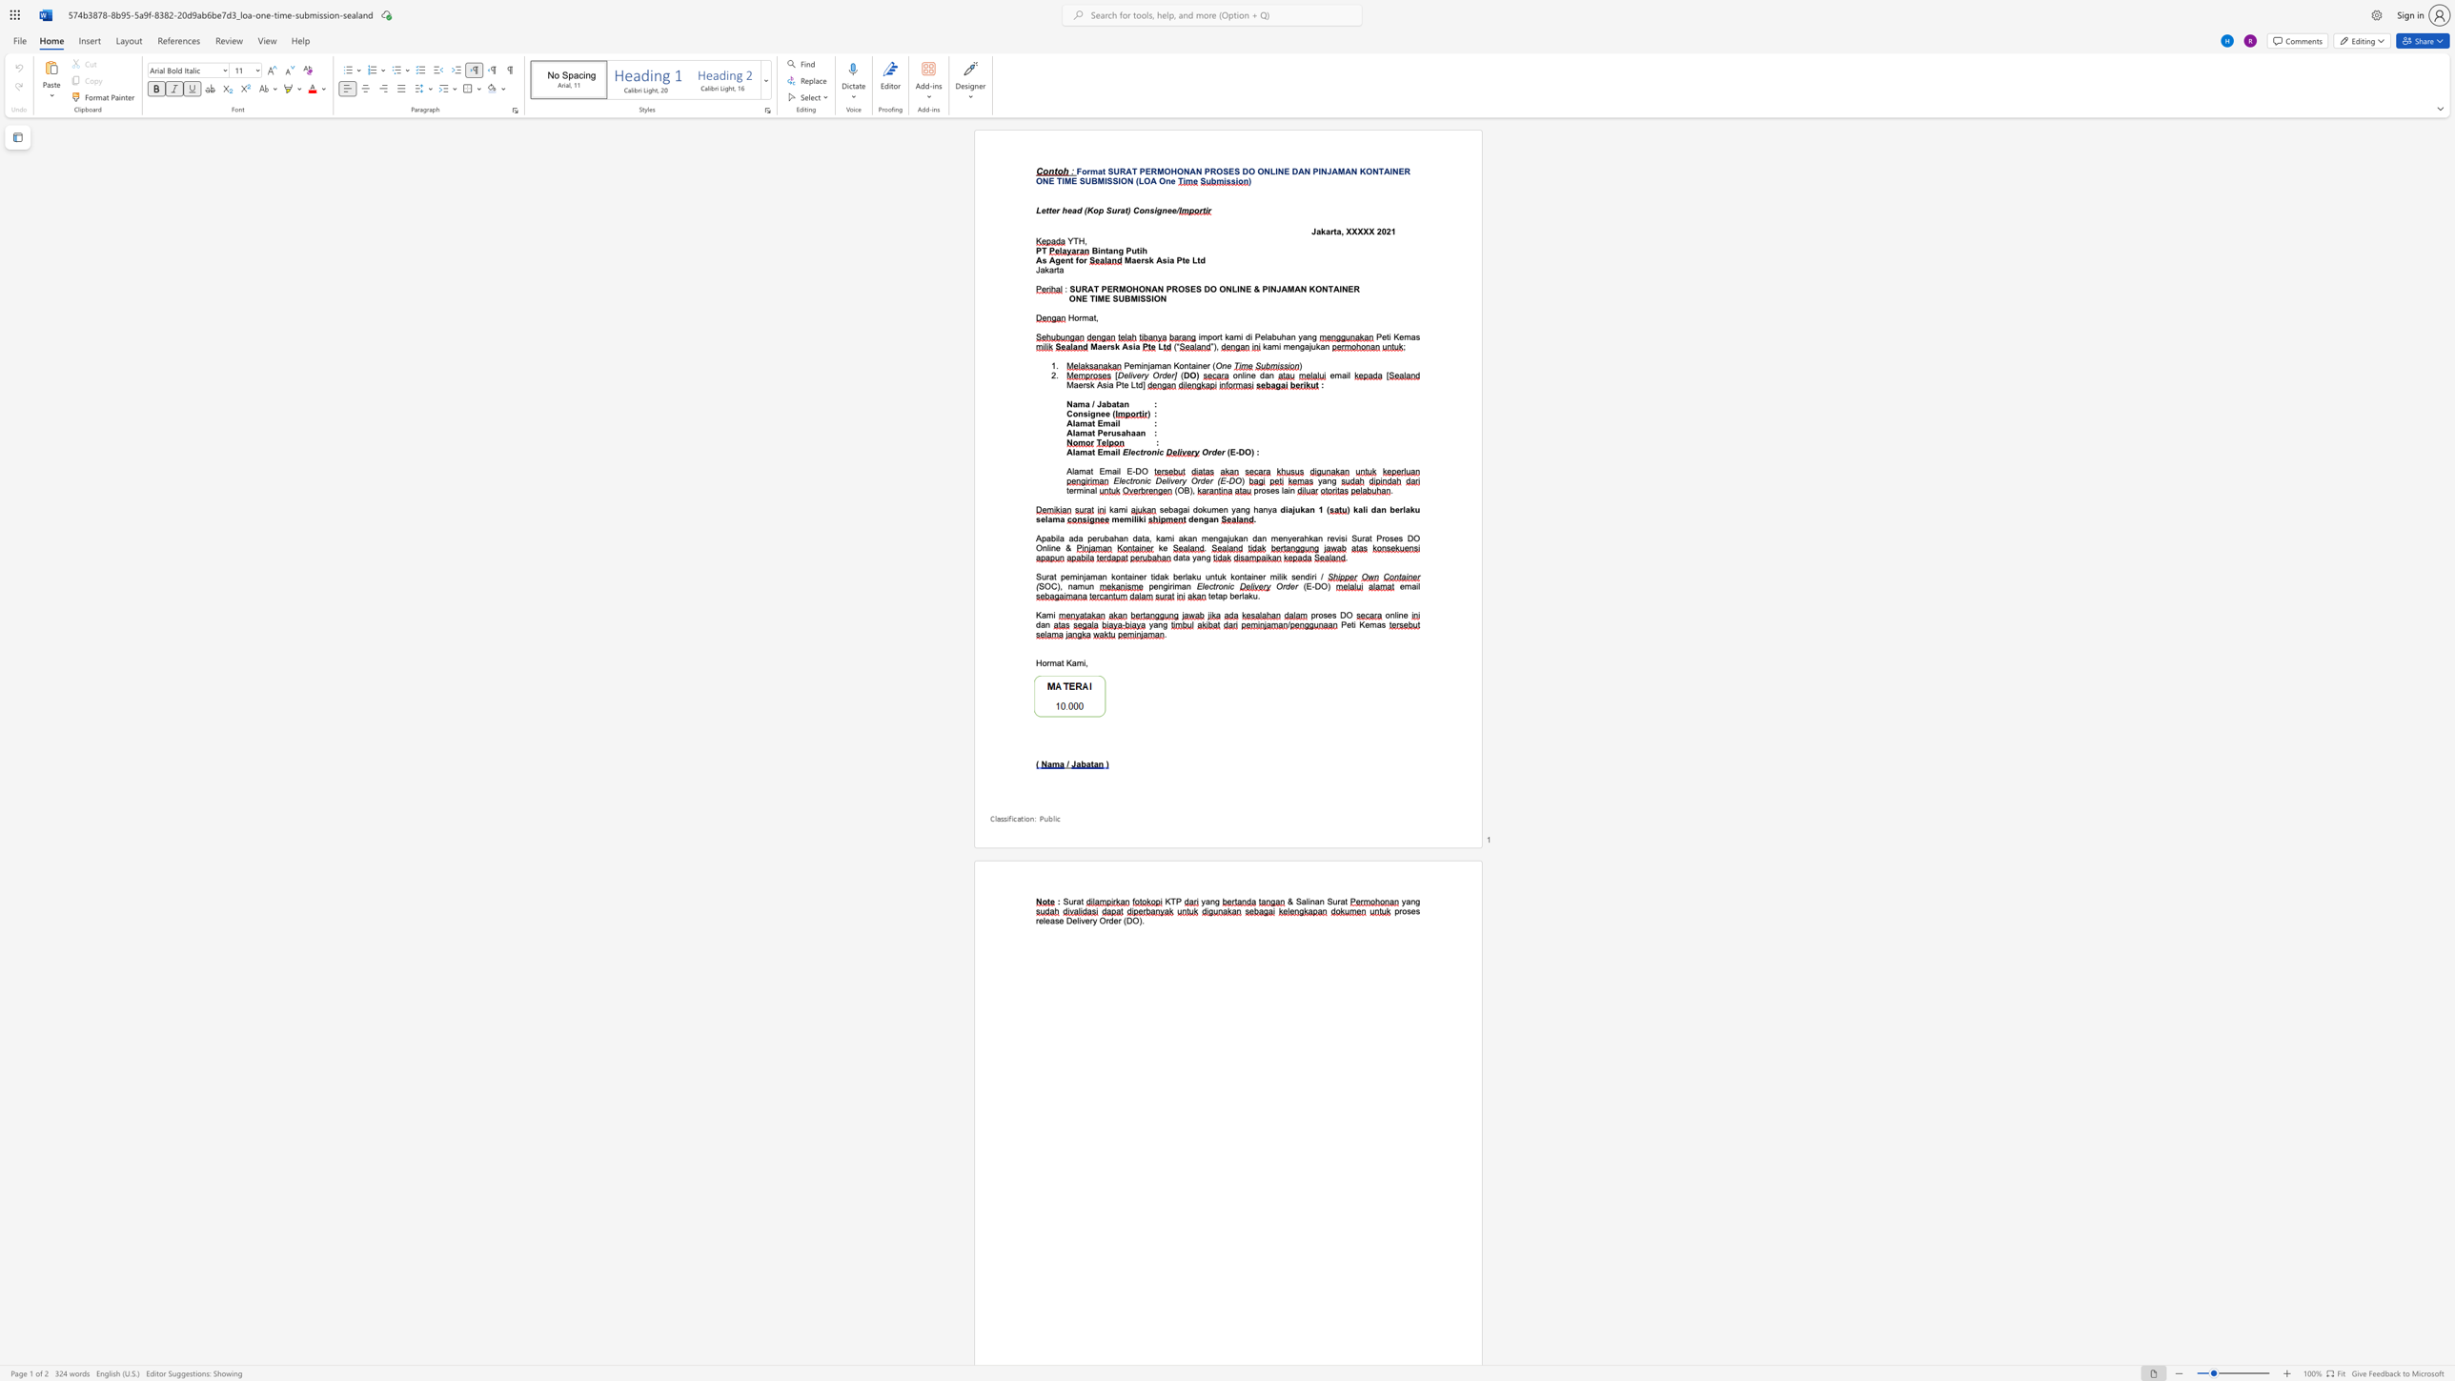  I want to click on the subset text "Hor" within the text "Hormat Kami,", so click(1036, 661).